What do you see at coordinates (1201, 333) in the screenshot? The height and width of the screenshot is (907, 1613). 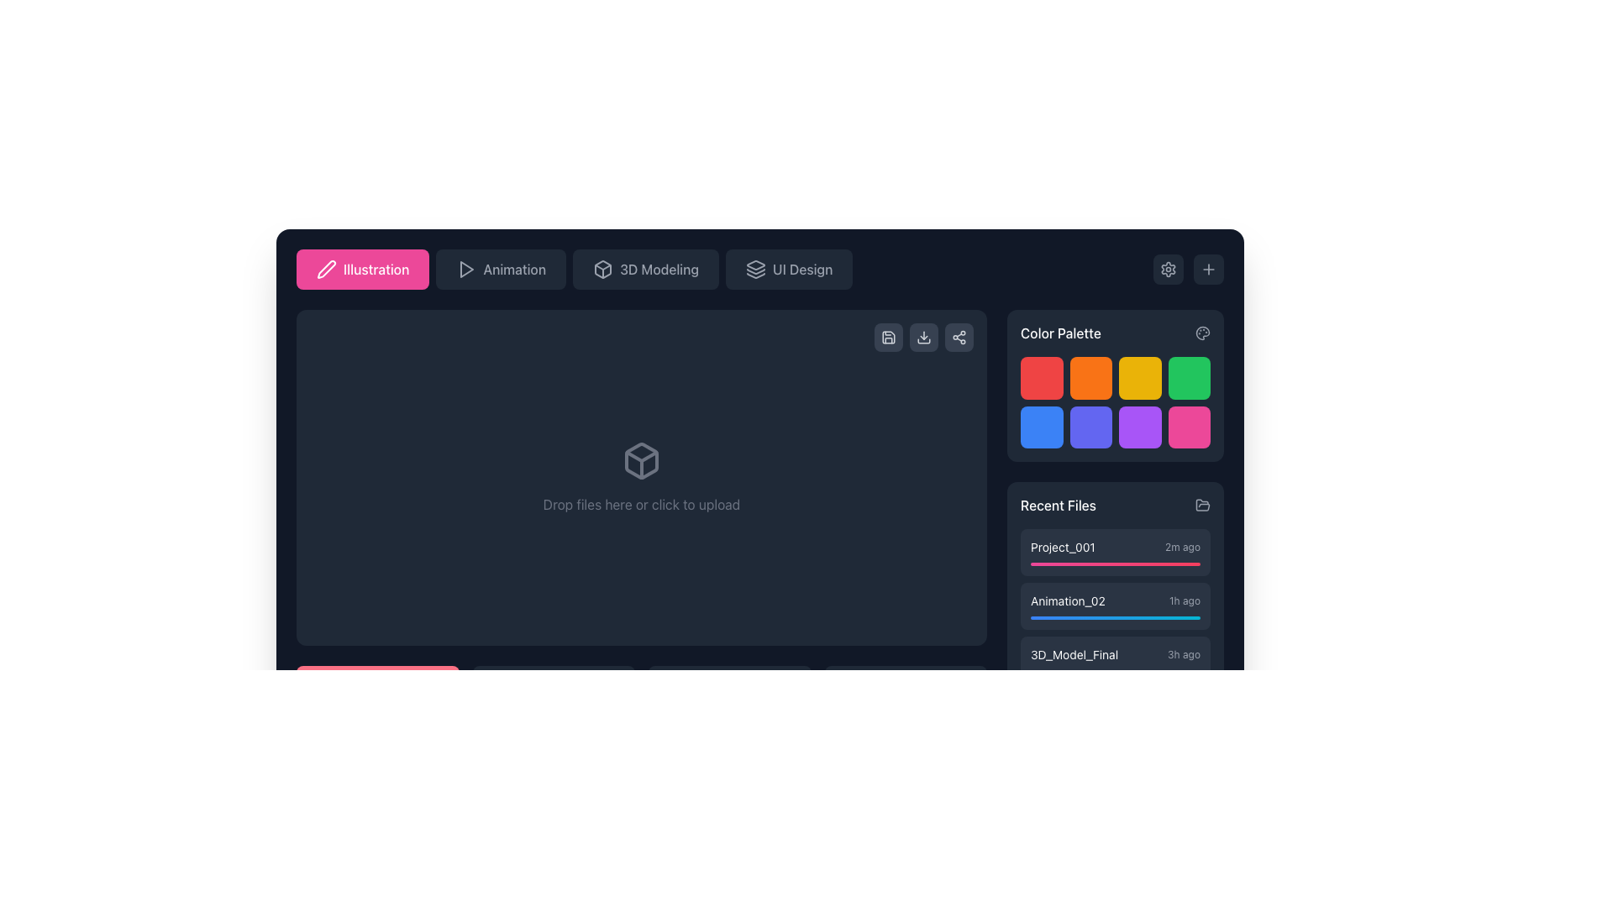 I see `the artist's palette icon located towards the upper right of the interface, which visually represents part of the artist's palette` at bounding box center [1201, 333].